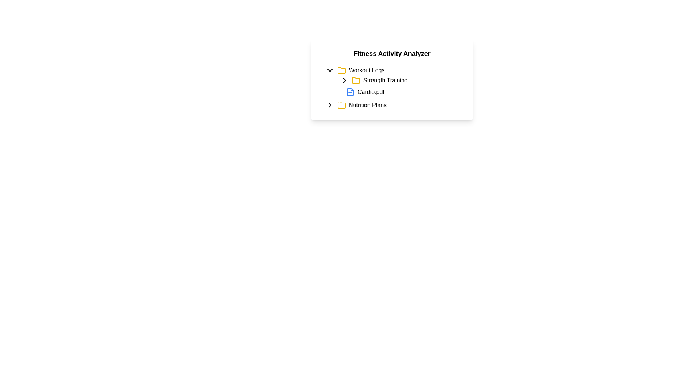  Describe the element at coordinates (329, 70) in the screenshot. I see `the chevron icon located at the far left of the 'Workout Logs' row` at that location.